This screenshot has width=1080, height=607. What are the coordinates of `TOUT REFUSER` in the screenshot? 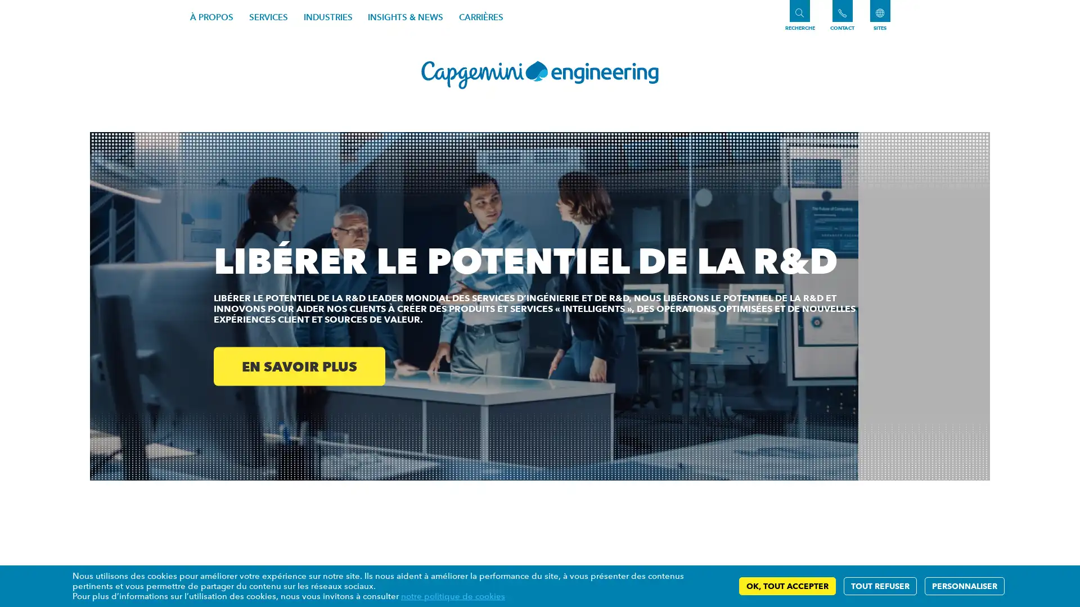 It's located at (879, 585).